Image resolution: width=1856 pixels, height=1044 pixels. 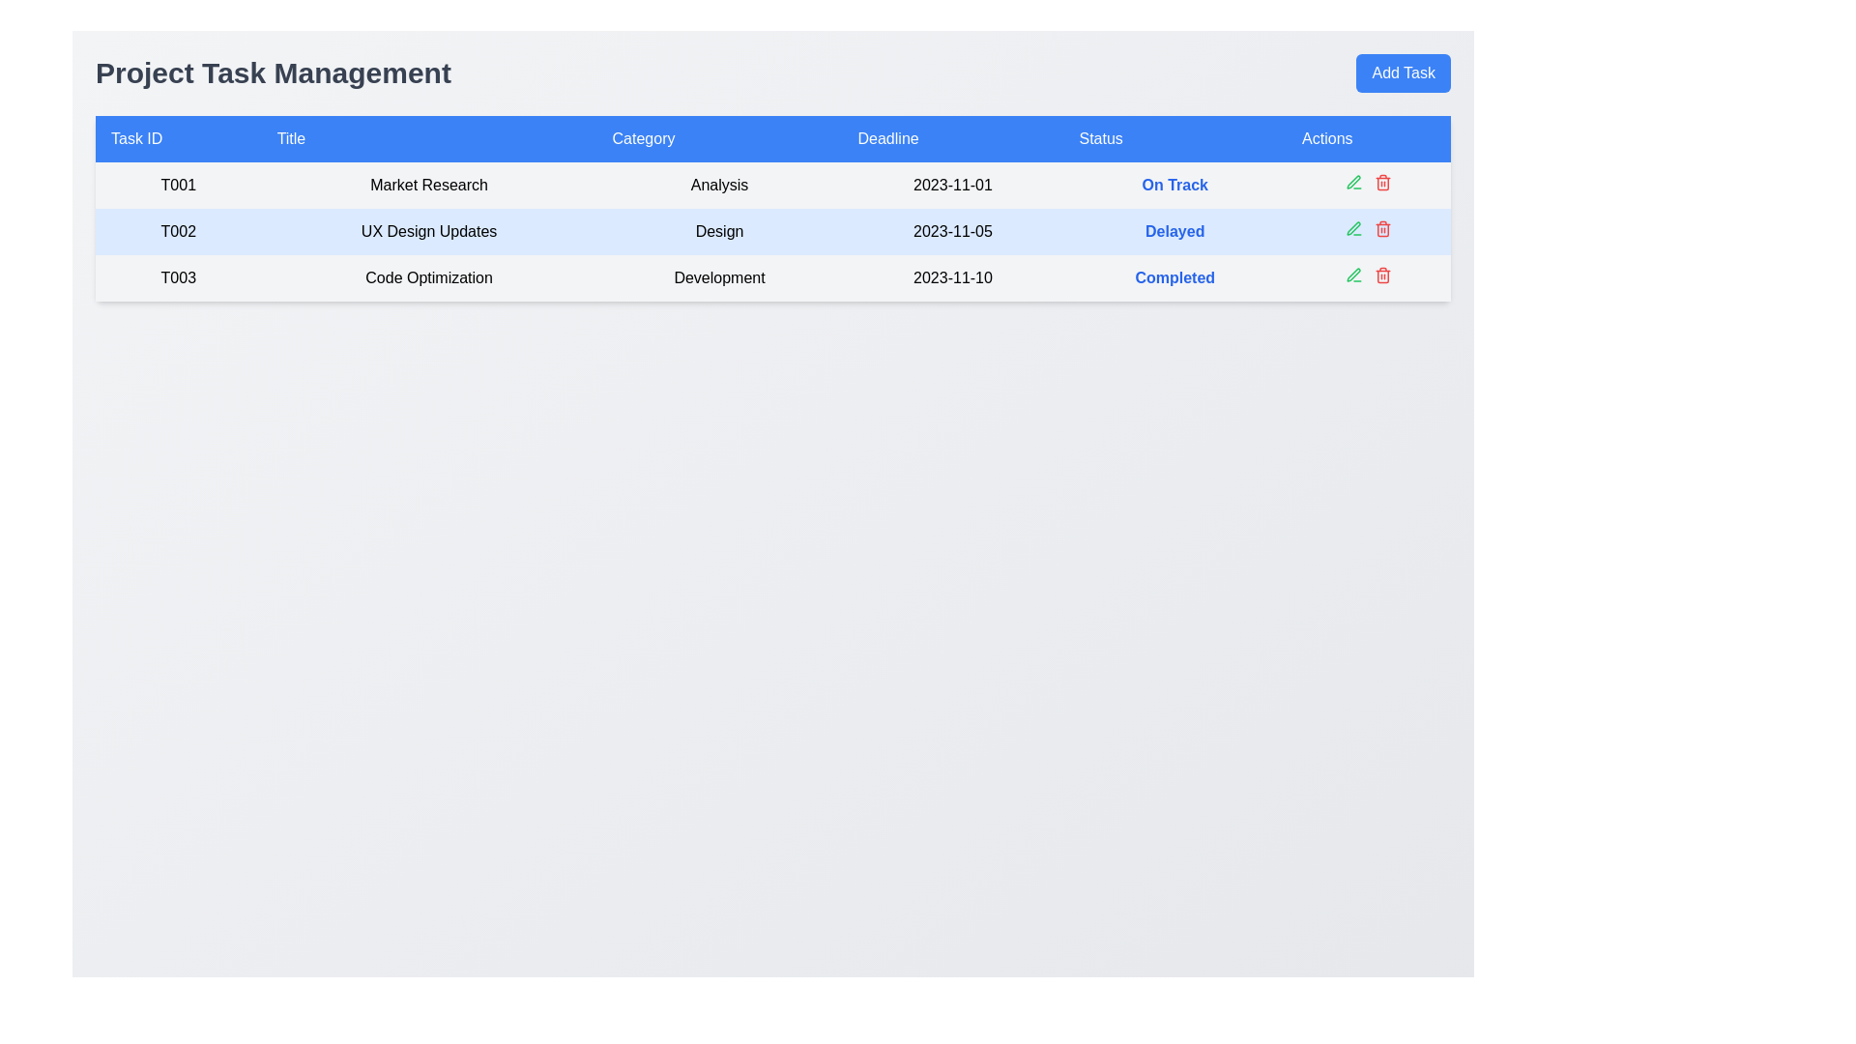 What do you see at coordinates (178, 230) in the screenshot?
I see `the Text label representing the task ID, located in the second row of the task management table, directly below 'T001' and above 'T003'` at bounding box center [178, 230].